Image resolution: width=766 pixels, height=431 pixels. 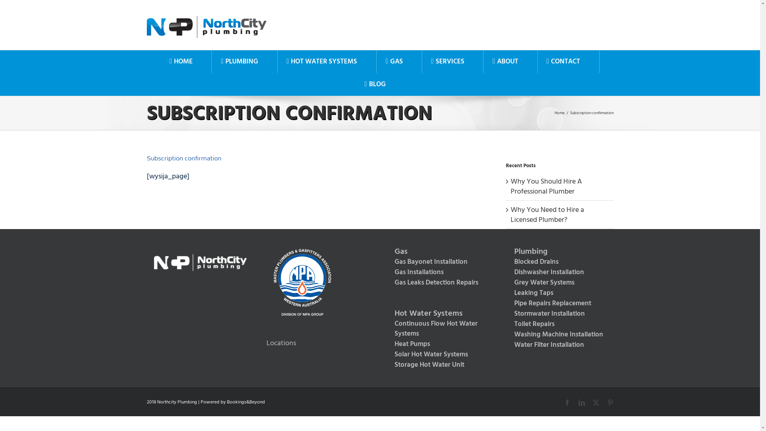 What do you see at coordinates (394, 61) in the screenshot?
I see `'GAS'` at bounding box center [394, 61].